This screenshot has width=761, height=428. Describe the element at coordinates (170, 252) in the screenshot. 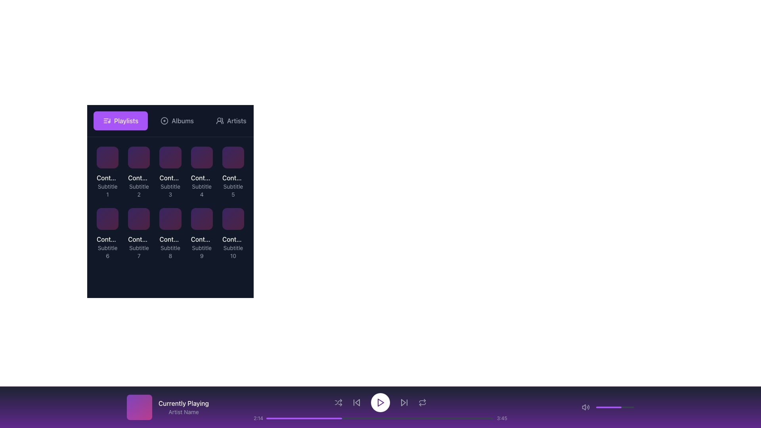

I see `the subtitle located at the bottom of the 'Content Title 8' card, positioned in the second row and third column of the grid layout` at that location.